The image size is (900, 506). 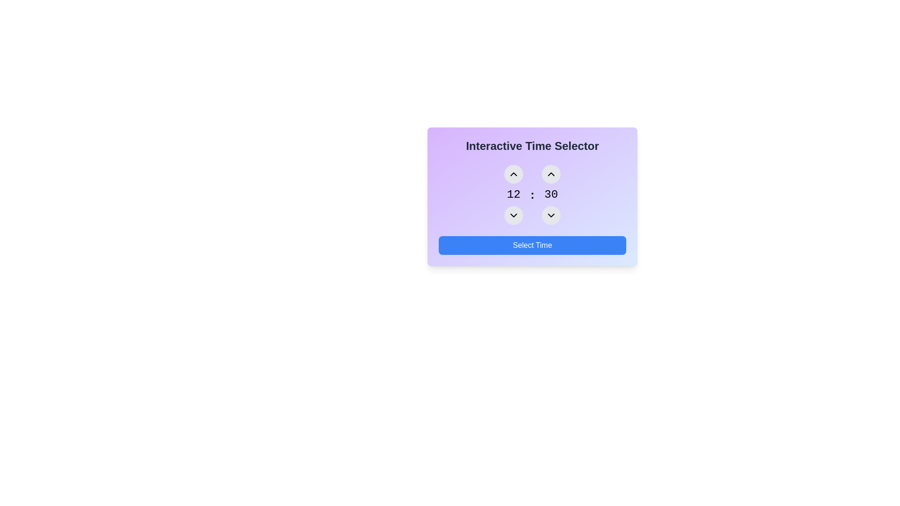 I want to click on the circular button with a light gray background and a black downward arrow icon located directly beneath the text '30', so click(x=551, y=215).